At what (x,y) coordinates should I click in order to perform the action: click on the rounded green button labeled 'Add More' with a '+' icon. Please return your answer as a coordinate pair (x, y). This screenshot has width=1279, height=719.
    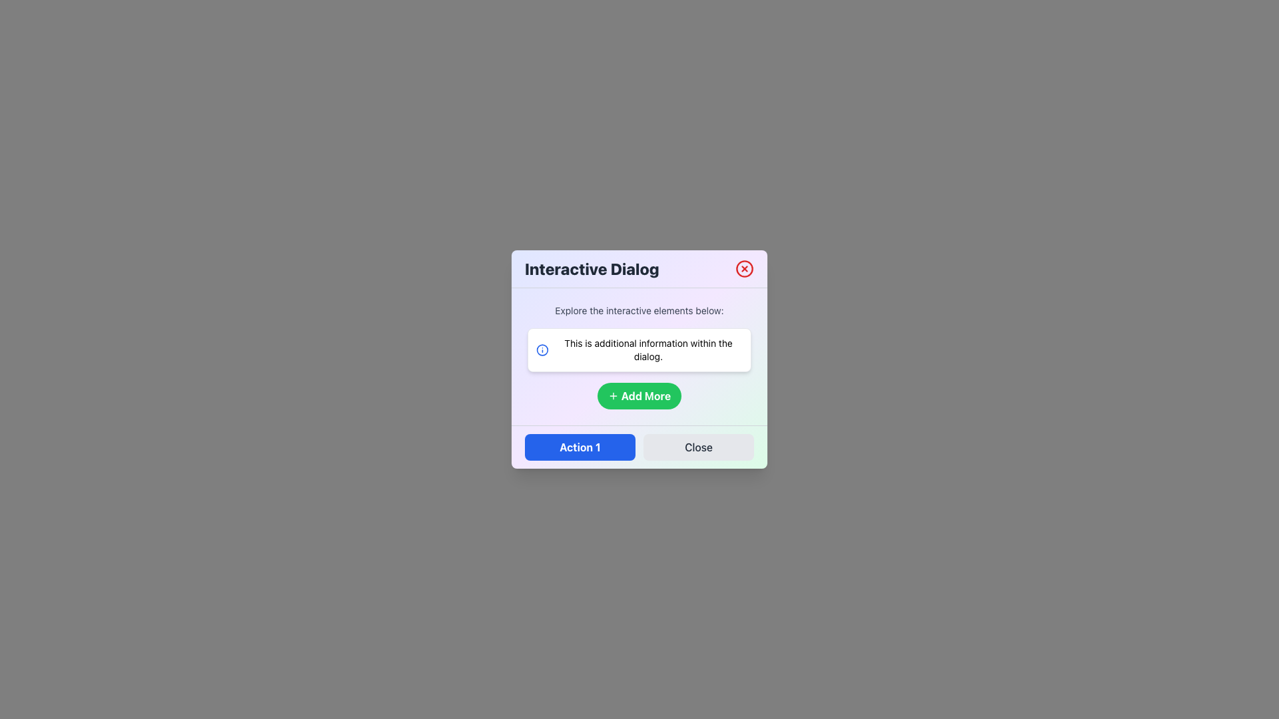
    Looking at the image, I should click on (639, 395).